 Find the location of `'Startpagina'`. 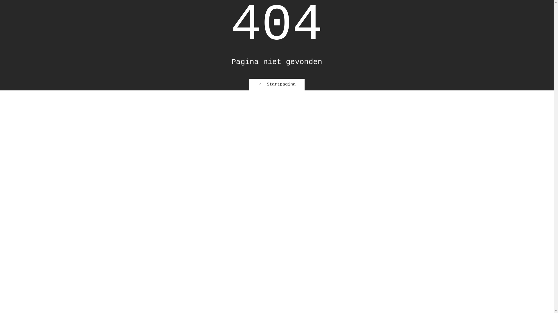

'Startpagina' is located at coordinates (249, 85).